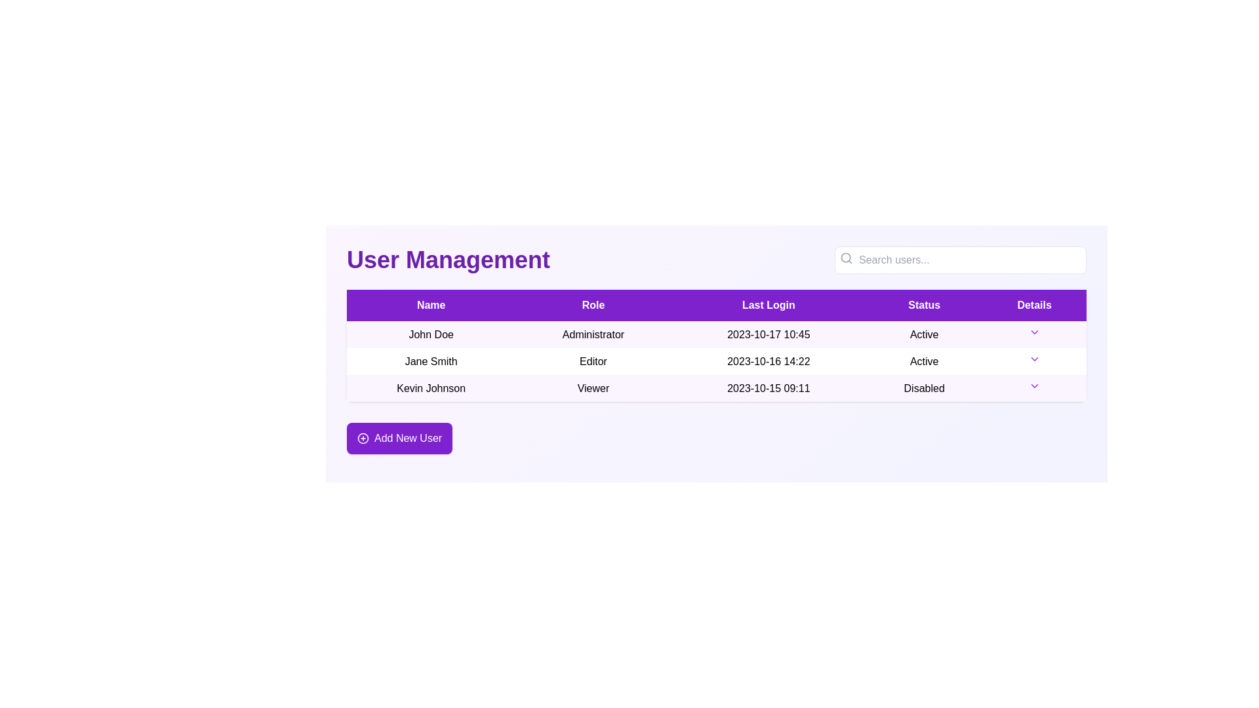 The height and width of the screenshot is (708, 1259). Describe the element at coordinates (769, 387) in the screenshot. I see `the static text field displaying the date and time '2023-10-15 09:11', located in the third row of the user management table under the 'Last Login' column` at that location.